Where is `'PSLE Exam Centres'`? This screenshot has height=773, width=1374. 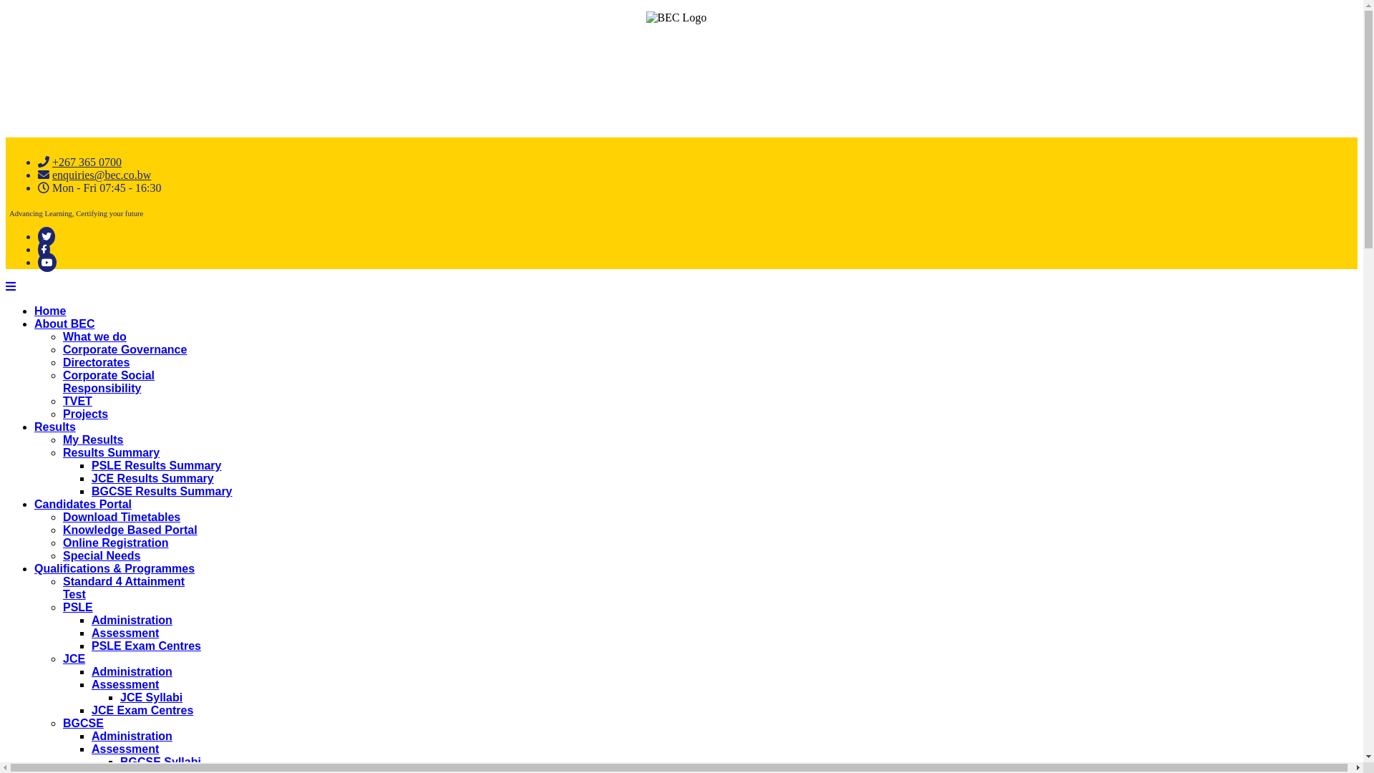
'PSLE Exam Centres' is located at coordinates (91, 646).